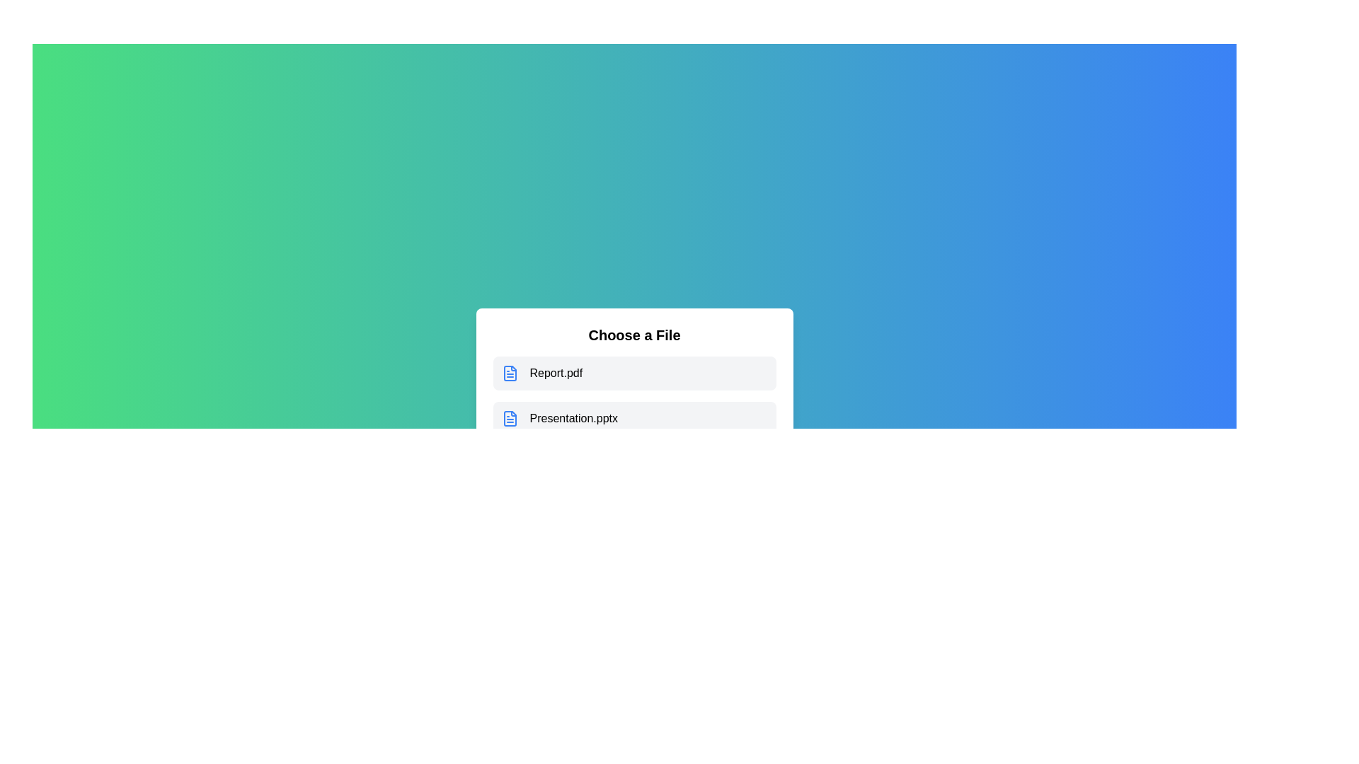 This screenshot has height=764, width=1359. I want to click on the file Report.pdf to observe its hover effect, so click(633, 373).